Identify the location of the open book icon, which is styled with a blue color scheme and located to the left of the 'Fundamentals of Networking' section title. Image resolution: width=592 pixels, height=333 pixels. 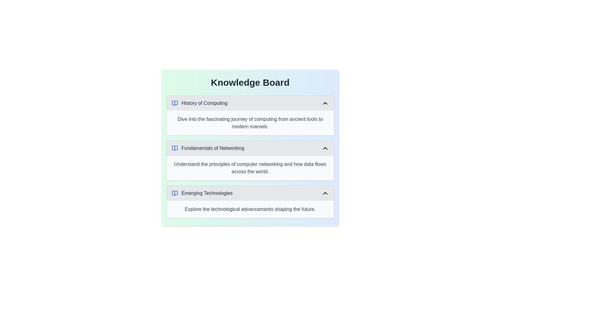
(174, 148).